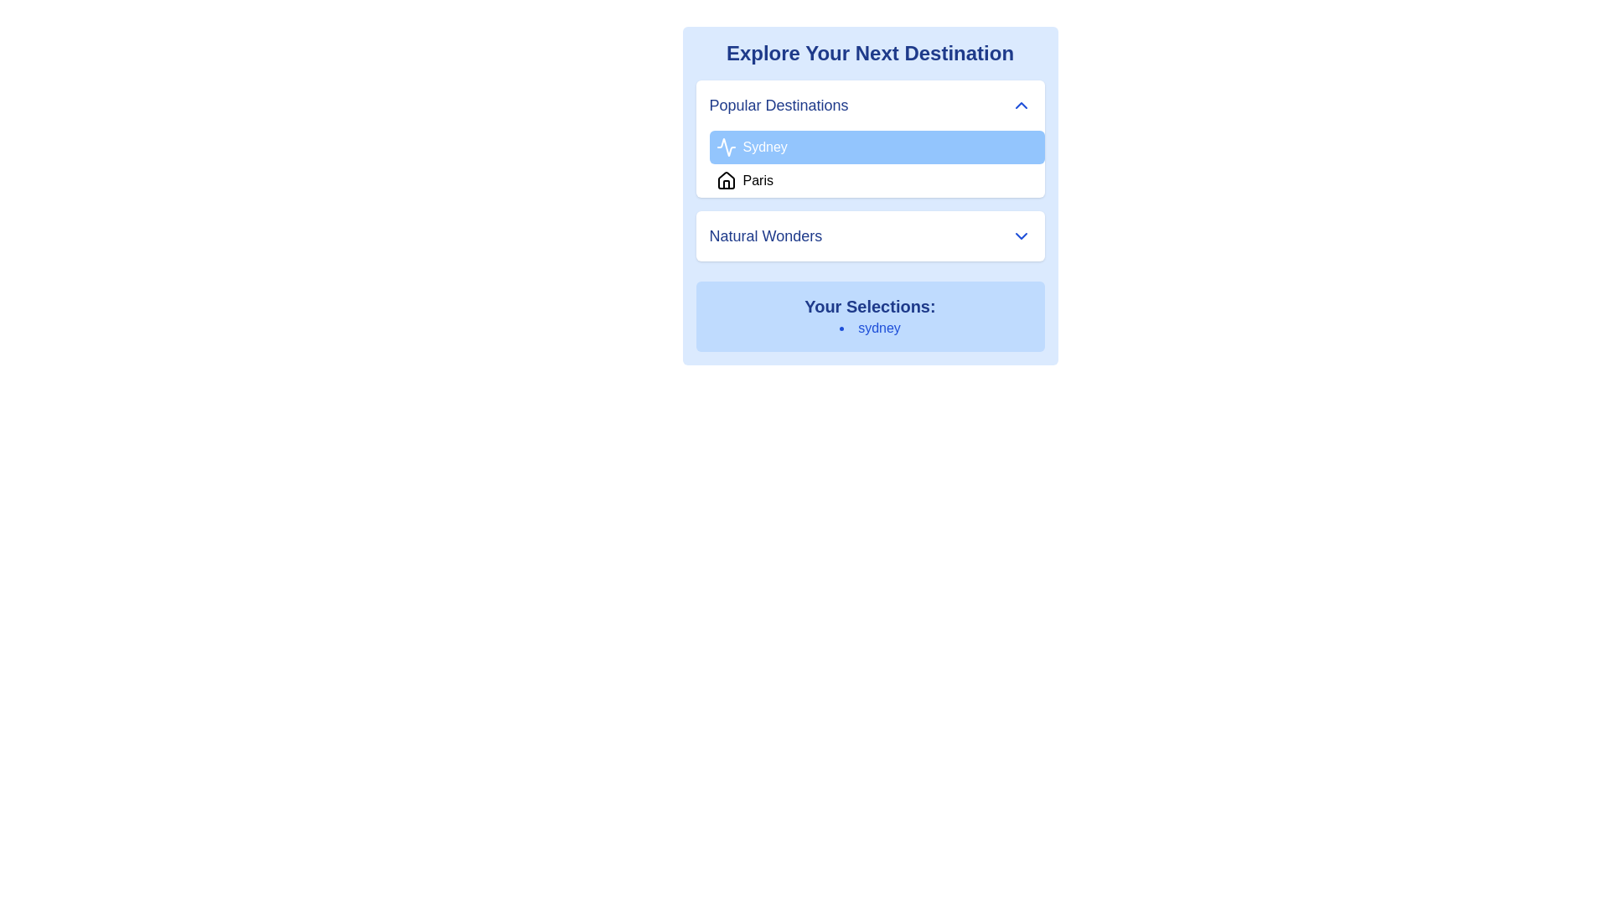  What do you see at coordinates (757, 181) in the screenshot?
I see `the text label displaying 'Paris' which is located next to a house icon in the 'Popular Destinations' section` at bounding box center [757, 181].